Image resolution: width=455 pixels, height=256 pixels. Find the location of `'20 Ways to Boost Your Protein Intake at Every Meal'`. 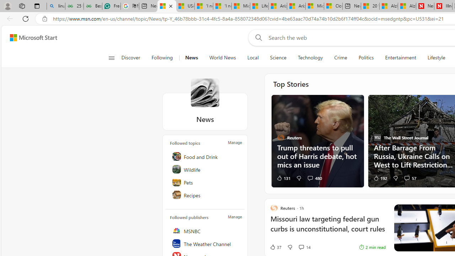

'20 Ways to Boost Your Protein Intake at Every Meal' is located at coordinates (370, 6).